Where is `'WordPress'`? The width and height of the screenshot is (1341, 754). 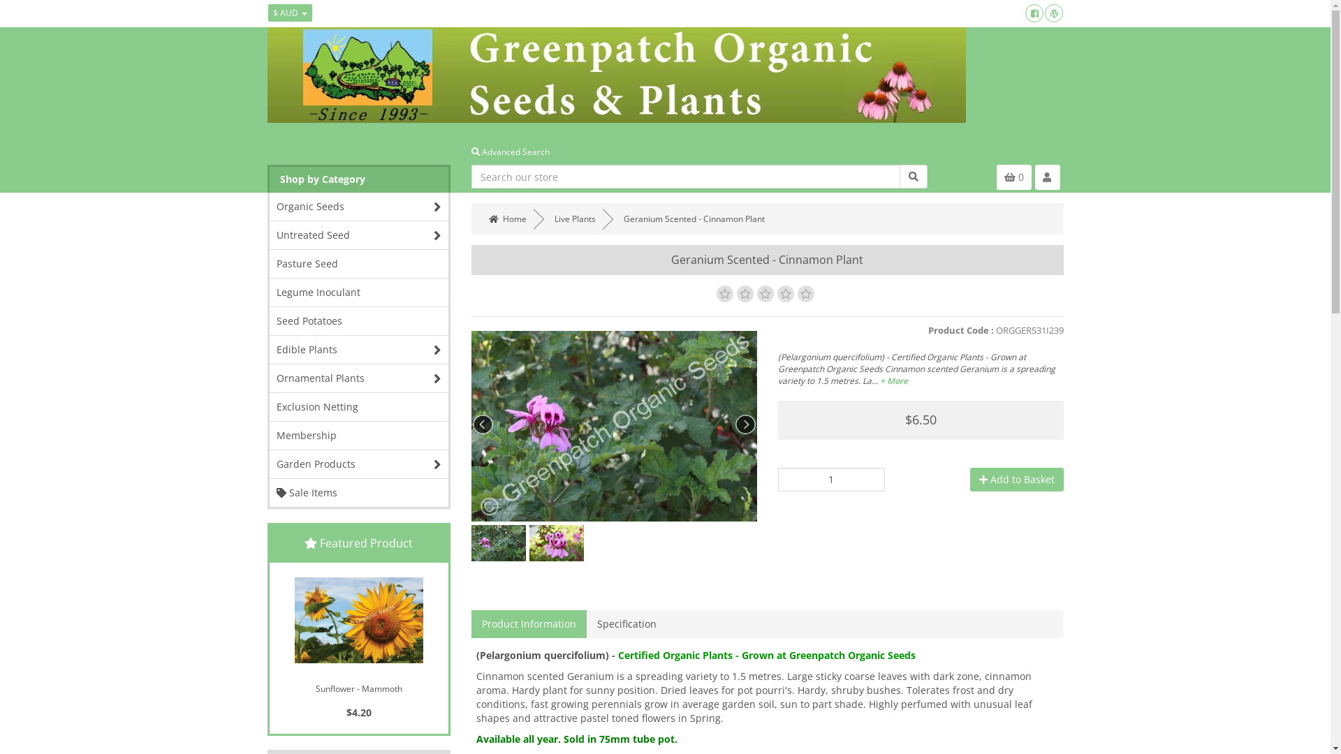 'WordPress' is located at coordinates (1053, 13).